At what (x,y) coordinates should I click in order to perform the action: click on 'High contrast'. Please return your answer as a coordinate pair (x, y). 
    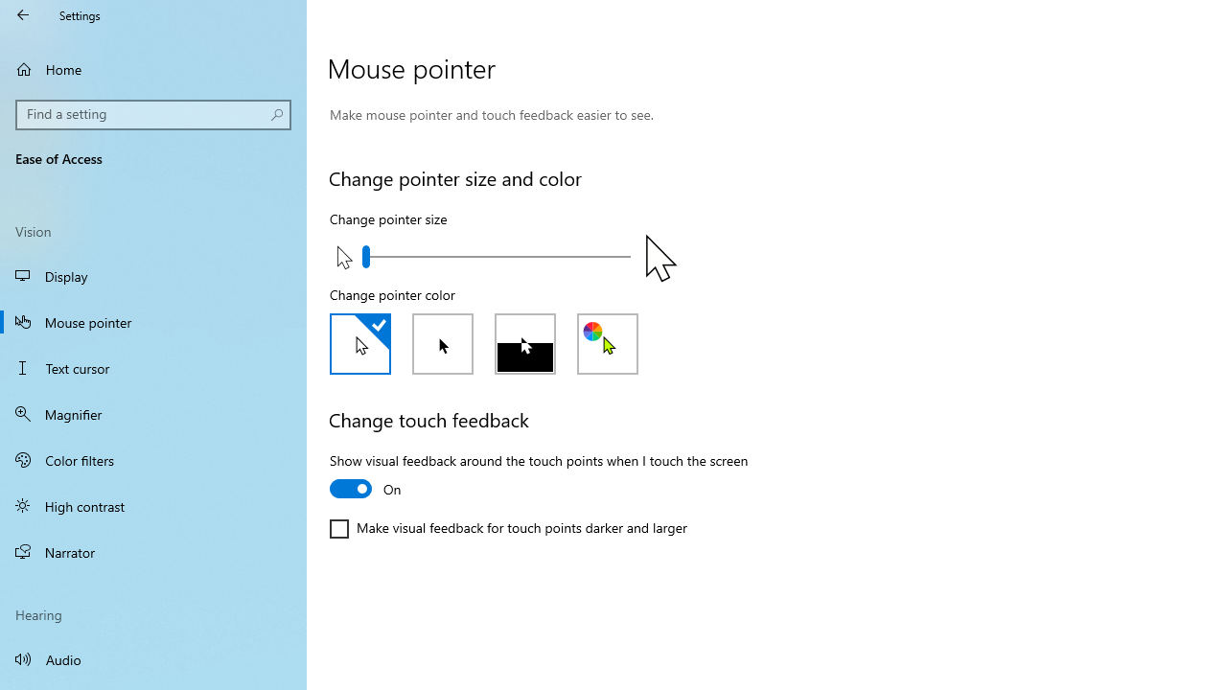
    Looking at the image, I should click on (153, 505).